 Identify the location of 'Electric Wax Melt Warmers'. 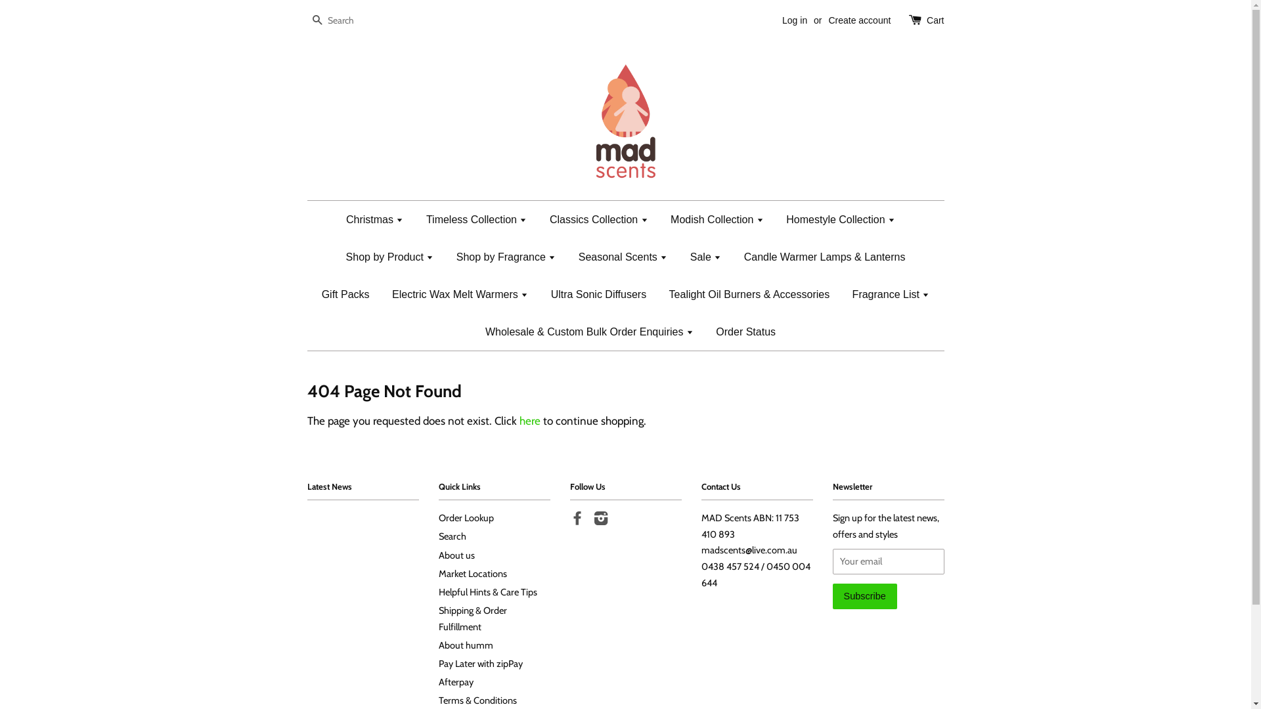
(460, 293).